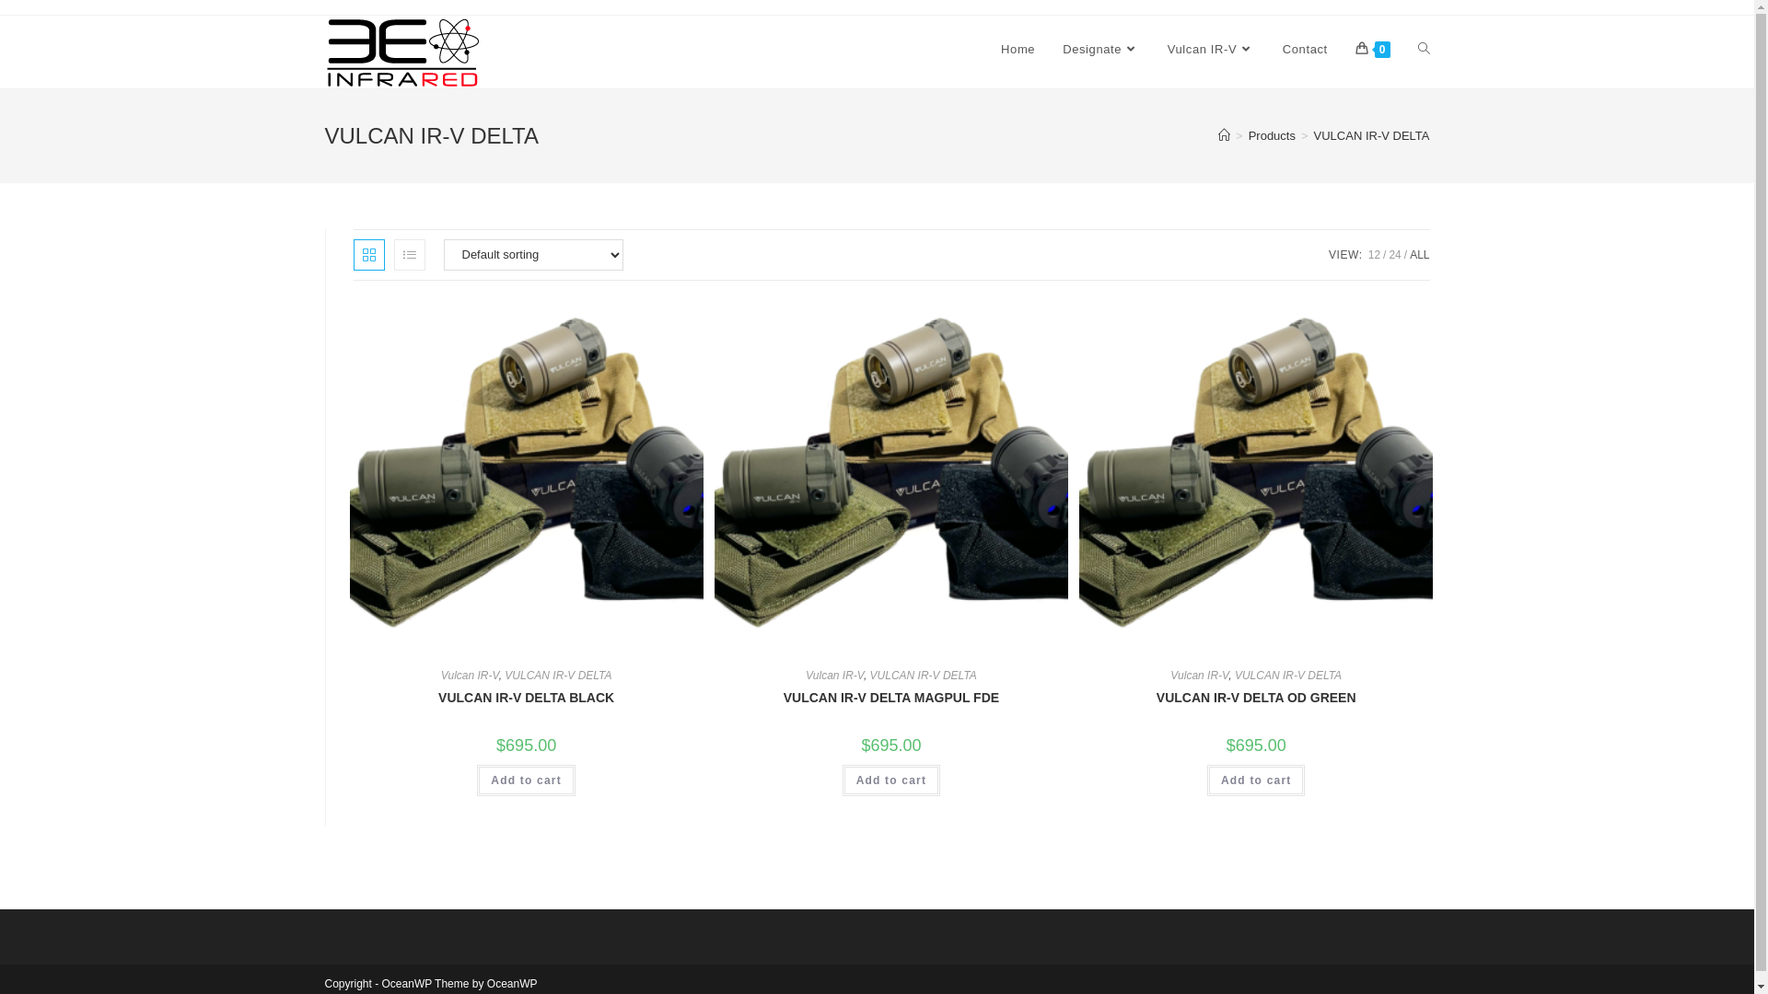 The width and height of the screenshot is (1768, 994). Describe the element at coordinates (409, 255) in the screenshot. I see `'List view'` at that location.